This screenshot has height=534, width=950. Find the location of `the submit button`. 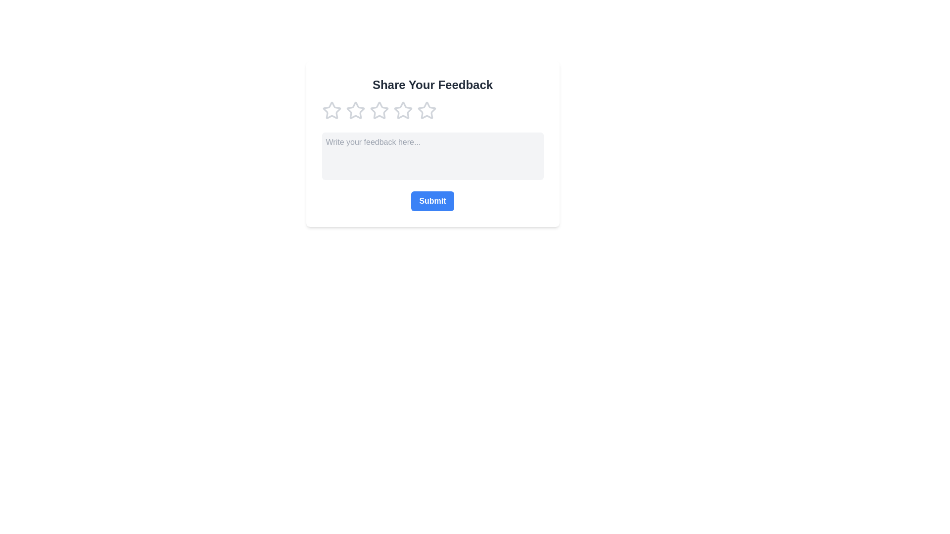

the submit button is located at coordinates (432, 201).